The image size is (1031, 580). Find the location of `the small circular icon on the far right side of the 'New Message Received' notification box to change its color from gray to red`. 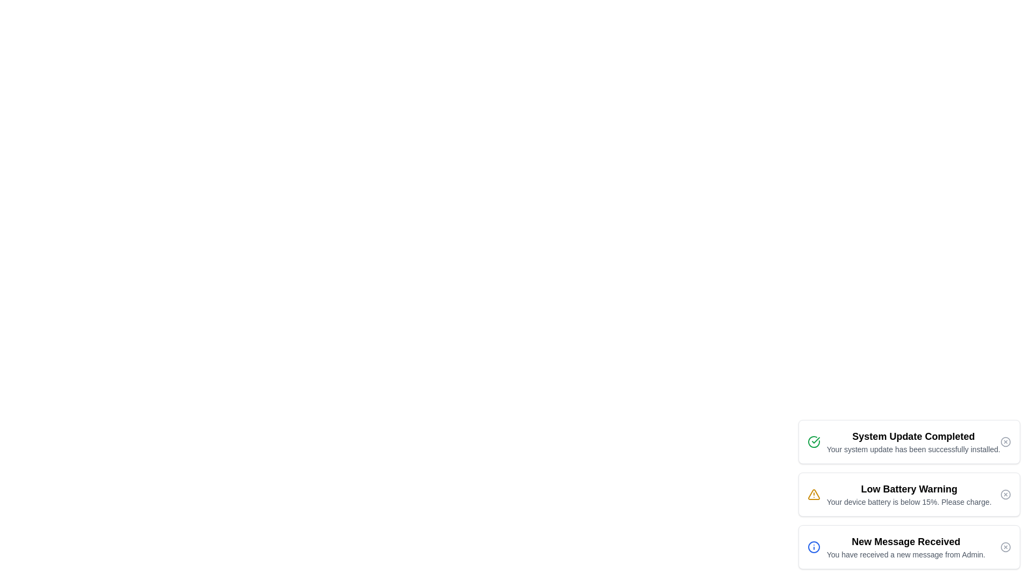

the small circular icon on the far right side of the 'New Message Received' notification box to change its color from gray to red is located at coordinates (1005, 547).